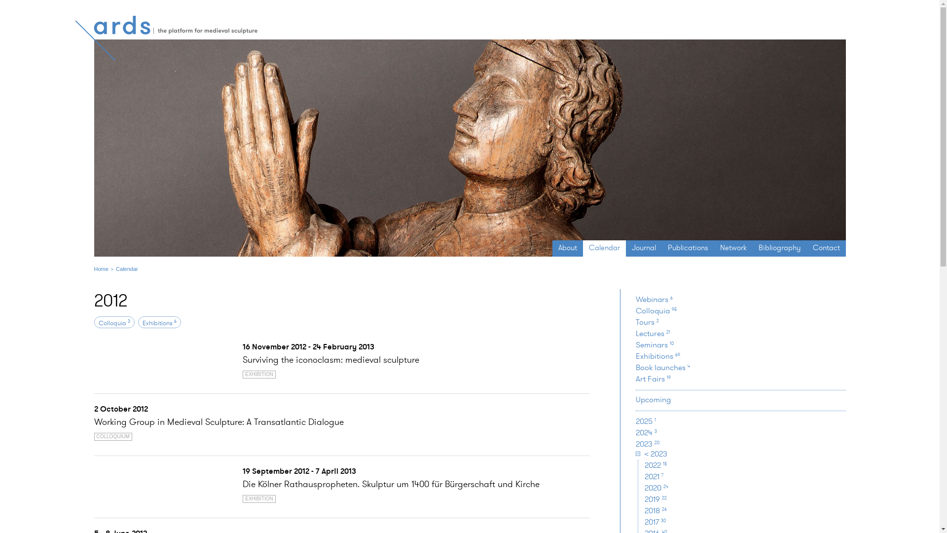 This screenshot has width=947, height=533. Describe the element at coordinates (648, 443) in the screenshot. I see `'2023 20'` at that location.